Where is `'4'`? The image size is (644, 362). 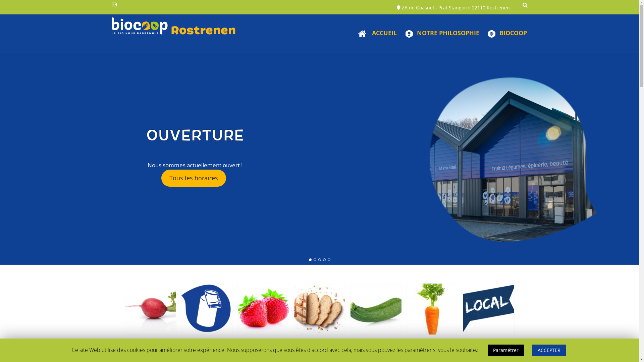
'4' is located at coordinates (324, 259).